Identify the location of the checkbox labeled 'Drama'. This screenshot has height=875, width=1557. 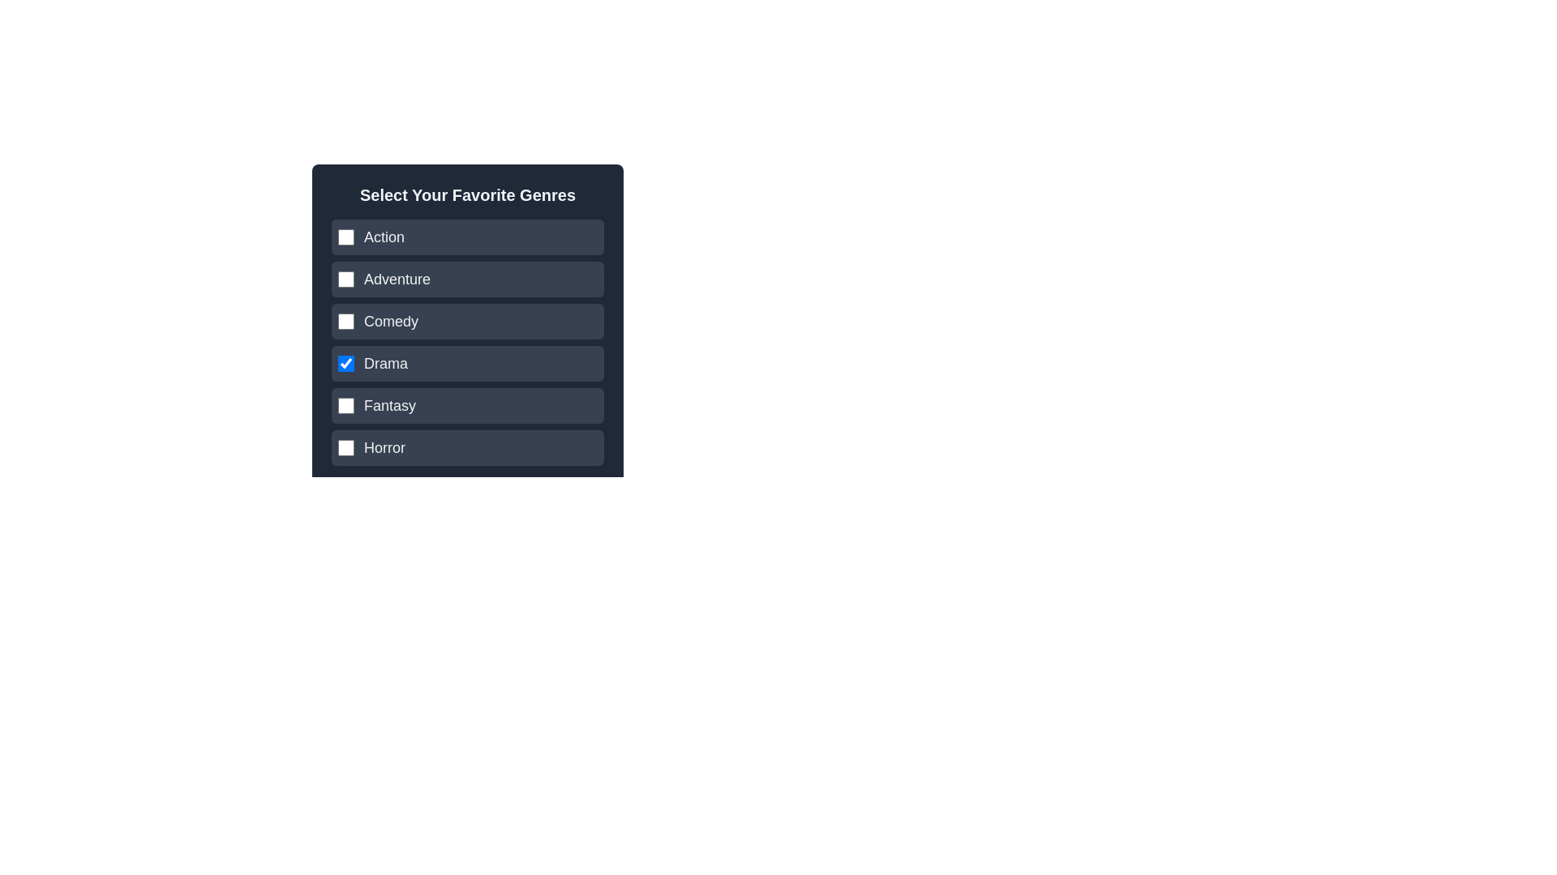
(466, 346).